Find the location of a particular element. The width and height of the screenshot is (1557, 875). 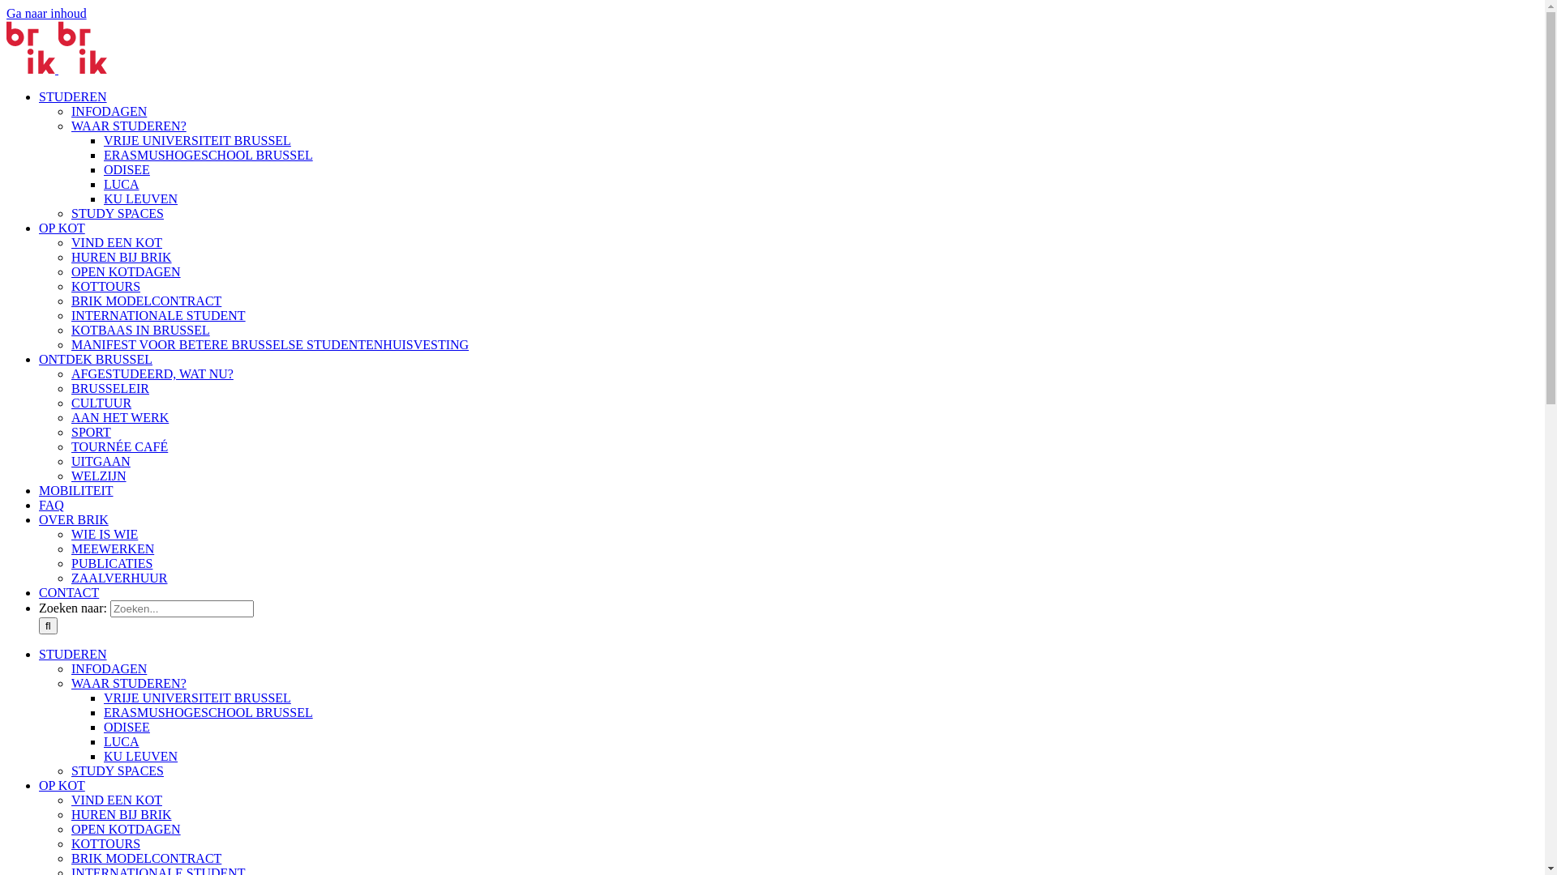

'VRIJE UNIVERSITEIT BRUSSEL' is located at coordinates (196, 697).